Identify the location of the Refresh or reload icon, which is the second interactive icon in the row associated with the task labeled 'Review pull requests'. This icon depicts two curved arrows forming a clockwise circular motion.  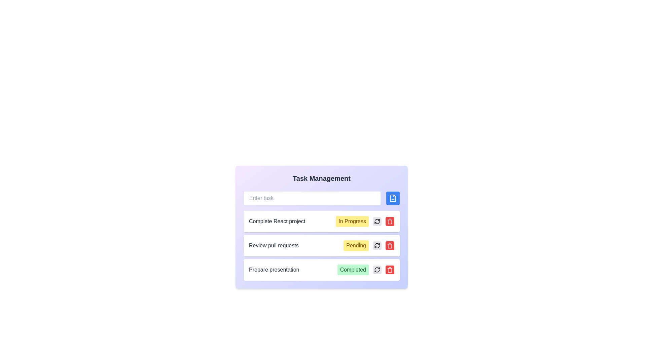
(377, 246).